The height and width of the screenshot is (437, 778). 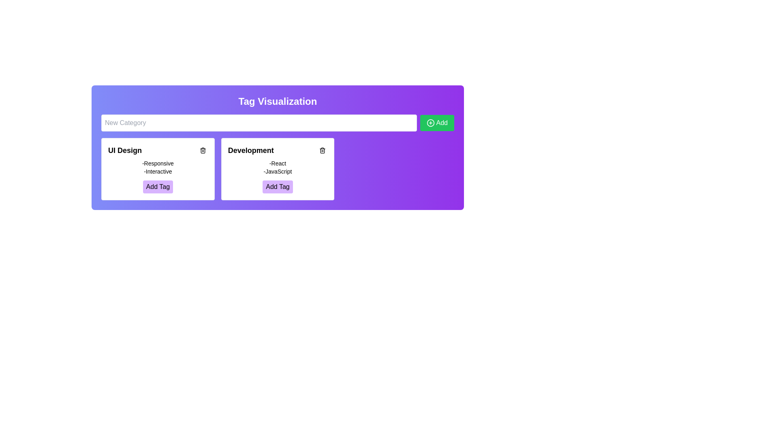 I want to click on the trash bin icon button located in the top-right corner of the 'UI Design' card, so click(x=203, y=150).